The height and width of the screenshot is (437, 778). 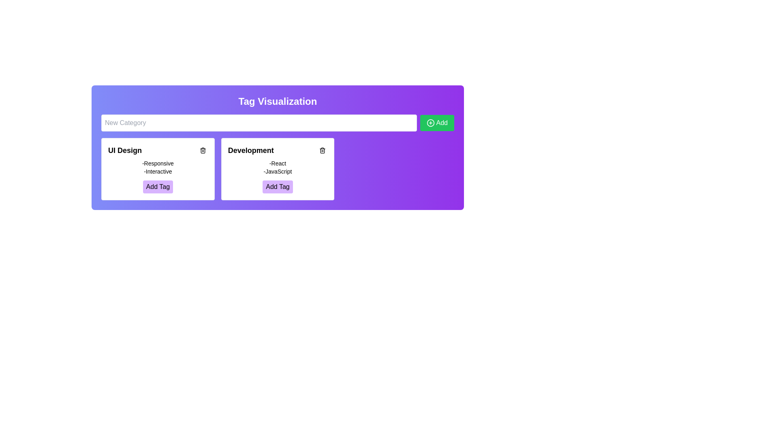 I want to click on the trash bin icon button located in the top-right corner of the 'UI Design' card, so click(x=203, y=150).